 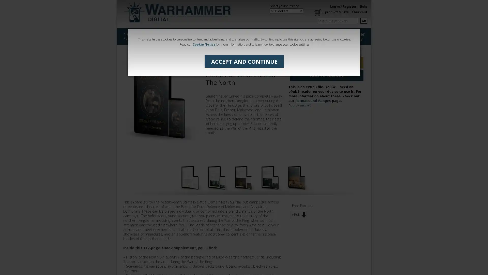 I want to click on ACCEPT AND CONTINUE, so click(x=244, y=61).